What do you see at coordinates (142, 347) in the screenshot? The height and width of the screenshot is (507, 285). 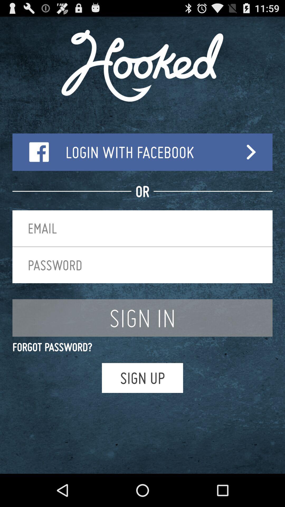 I see `the forgot password? app` at bounding box center [142, 347].